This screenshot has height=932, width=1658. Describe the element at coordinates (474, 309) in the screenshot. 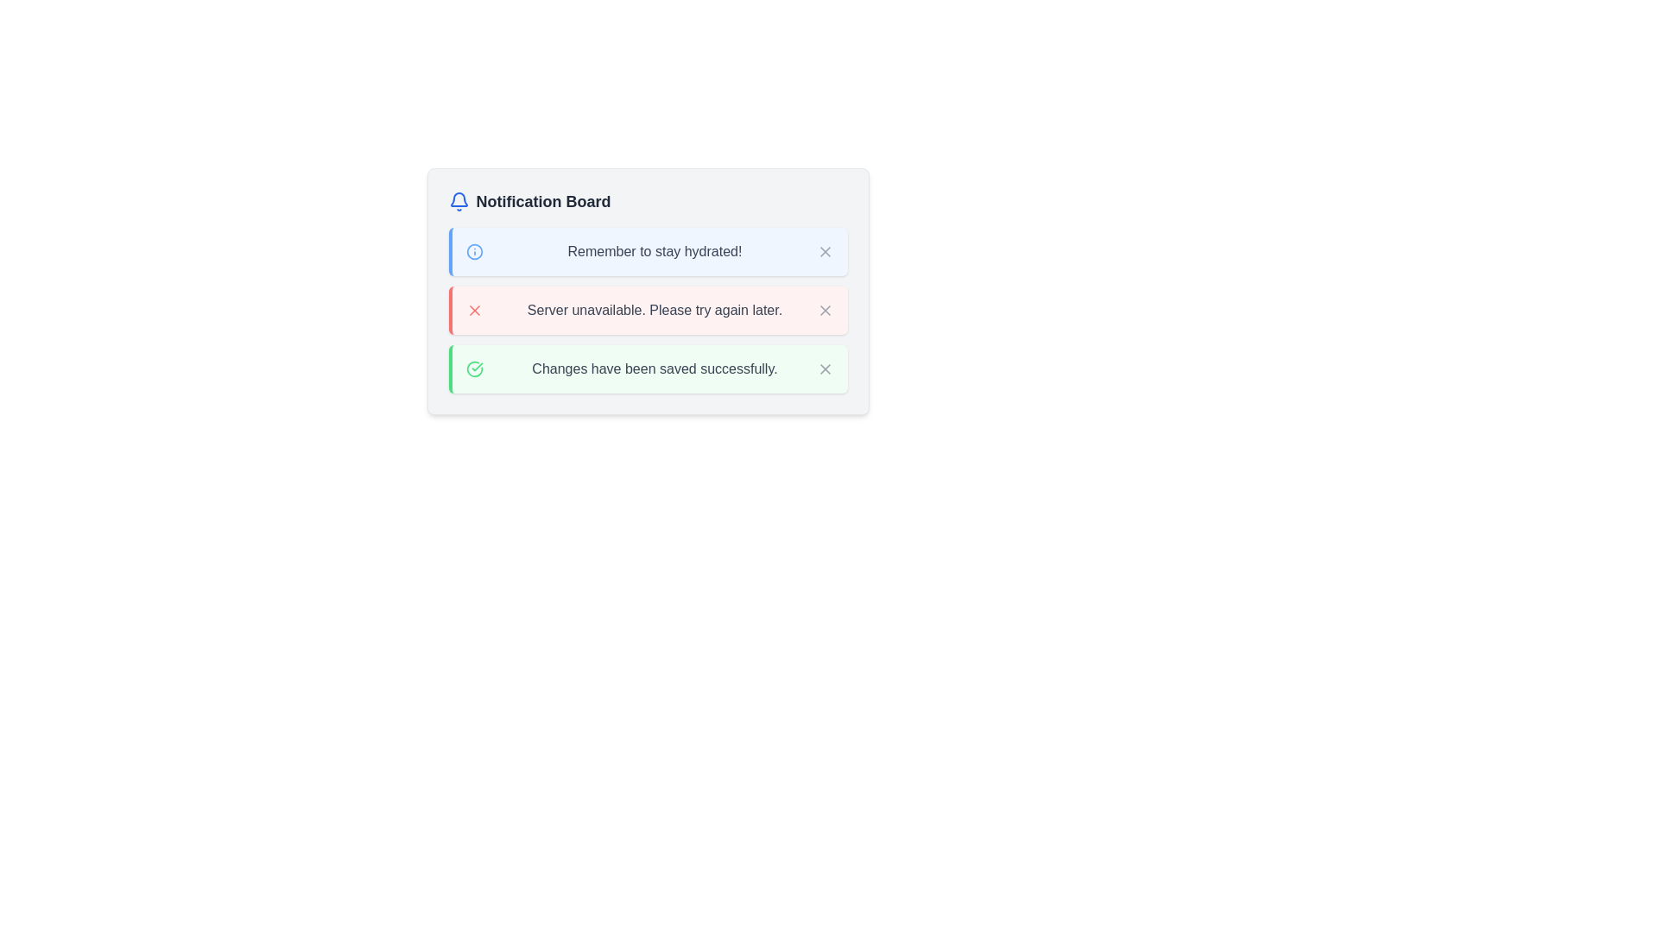

I see `the red 'X' icon located in the top left corner of the notification card that indicates 'Server unavailable. Please try again later.'` at that location.